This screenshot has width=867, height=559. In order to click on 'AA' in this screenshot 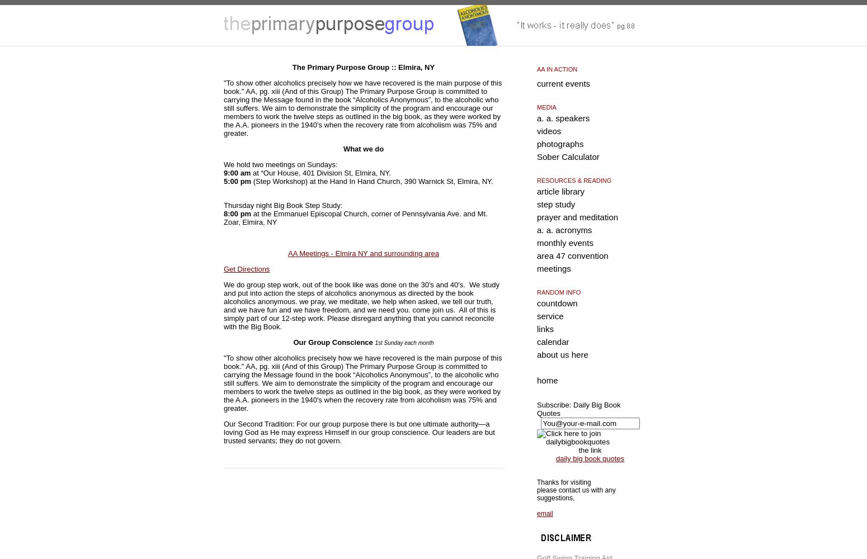, I will do `click(293, 253)`.